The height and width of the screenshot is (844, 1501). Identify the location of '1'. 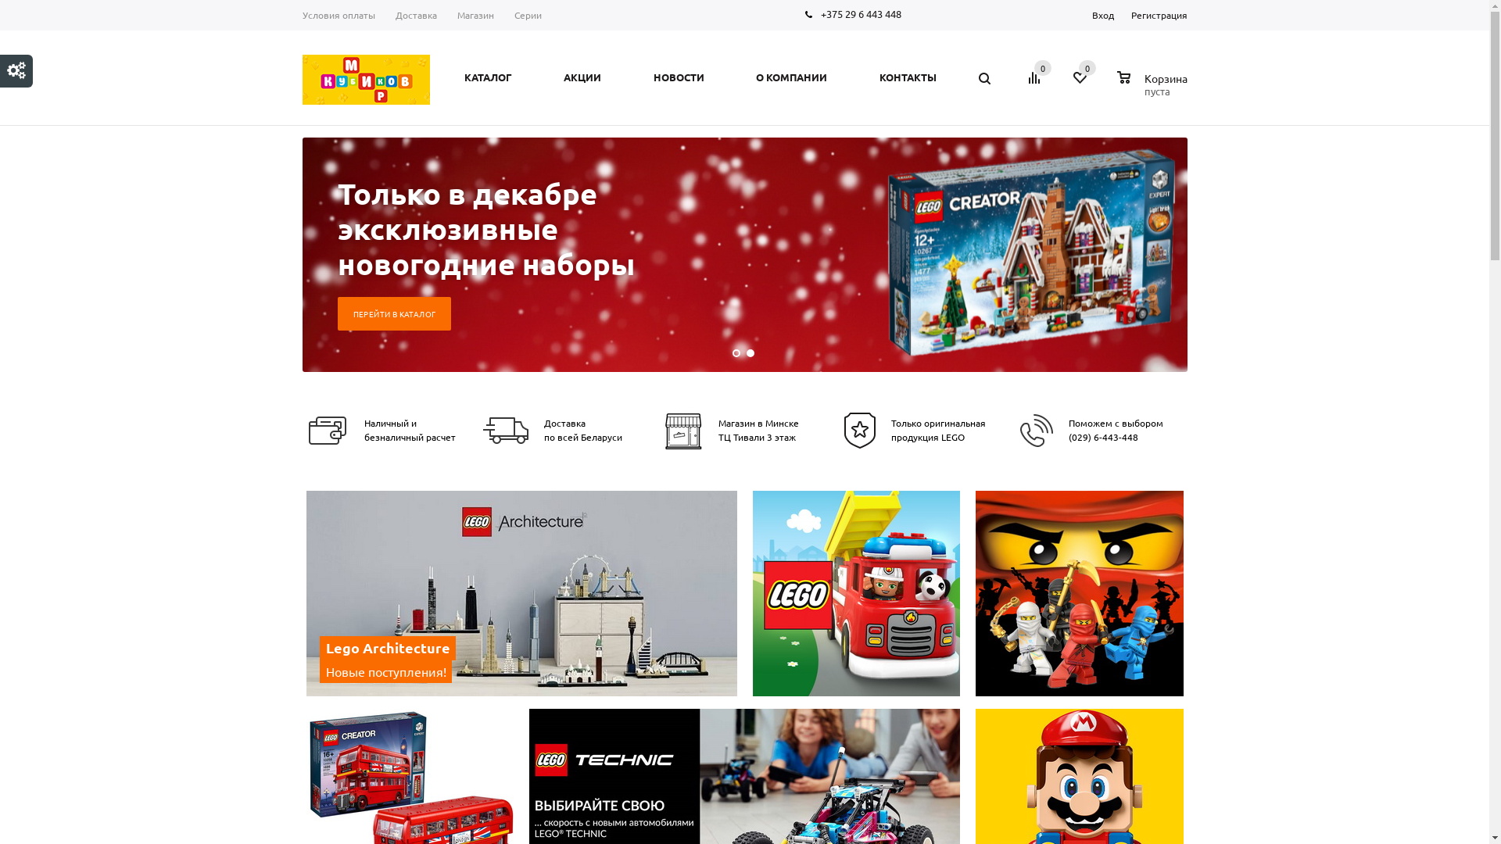
(734, 352).